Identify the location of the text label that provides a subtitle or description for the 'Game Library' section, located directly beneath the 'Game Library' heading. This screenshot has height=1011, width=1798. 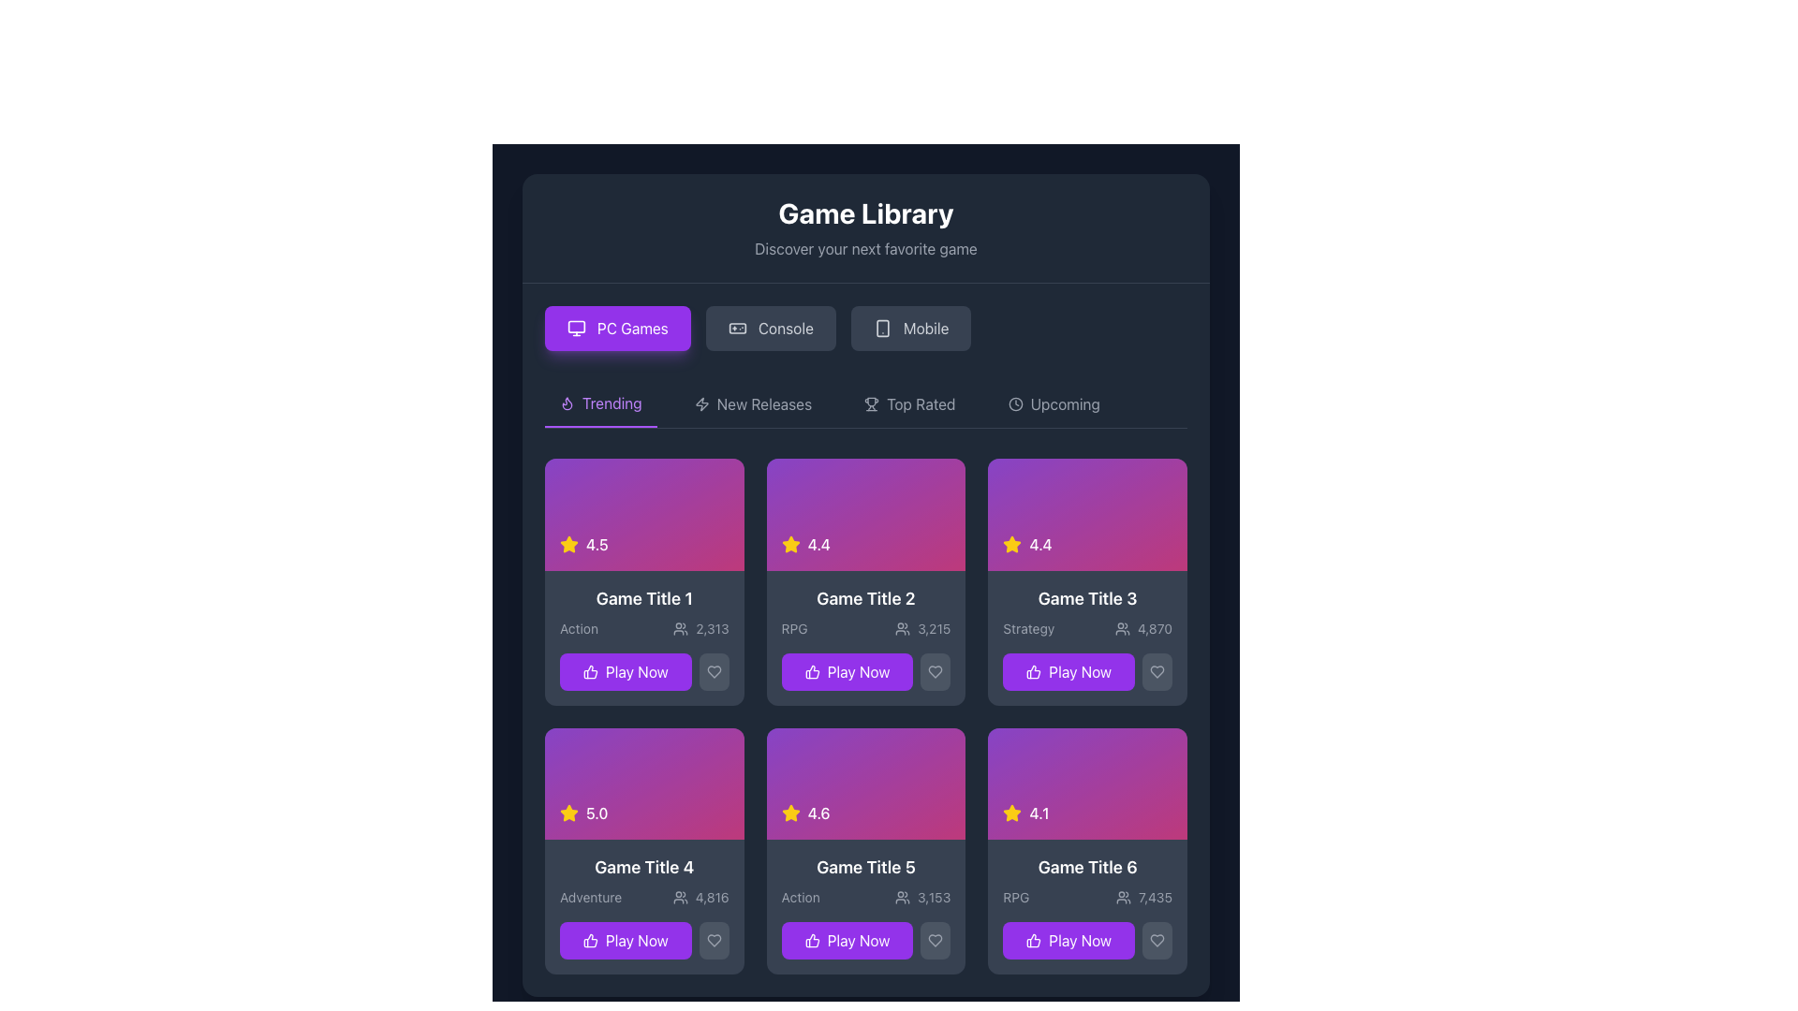
(865, 248).